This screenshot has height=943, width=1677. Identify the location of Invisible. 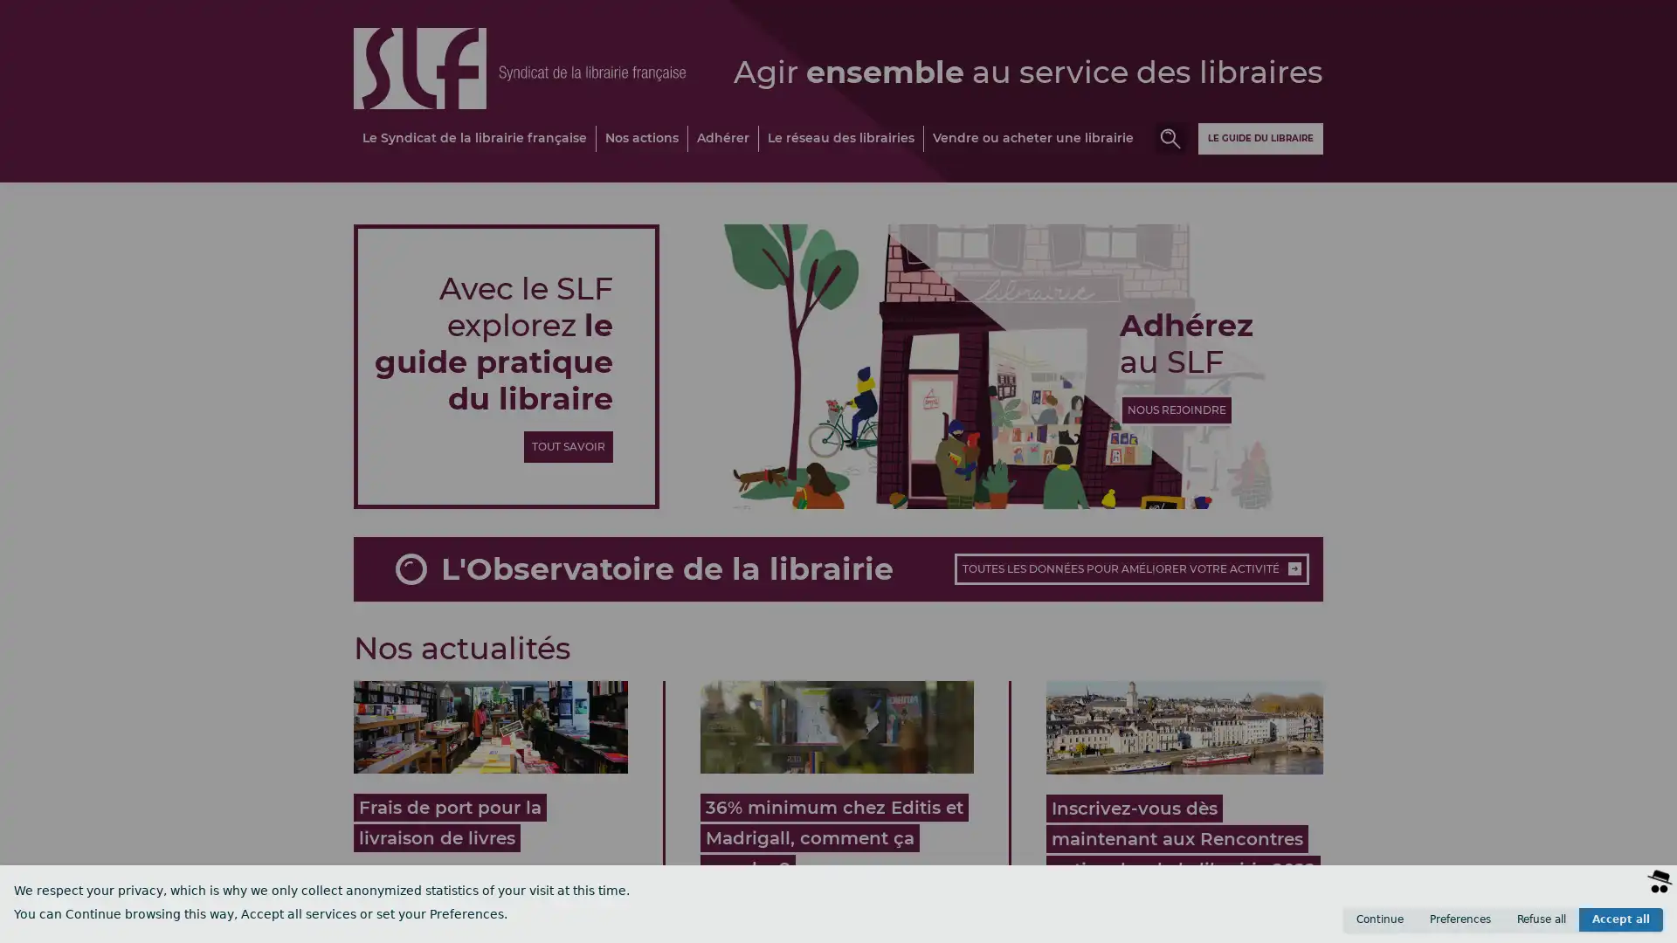
(1573, 925).